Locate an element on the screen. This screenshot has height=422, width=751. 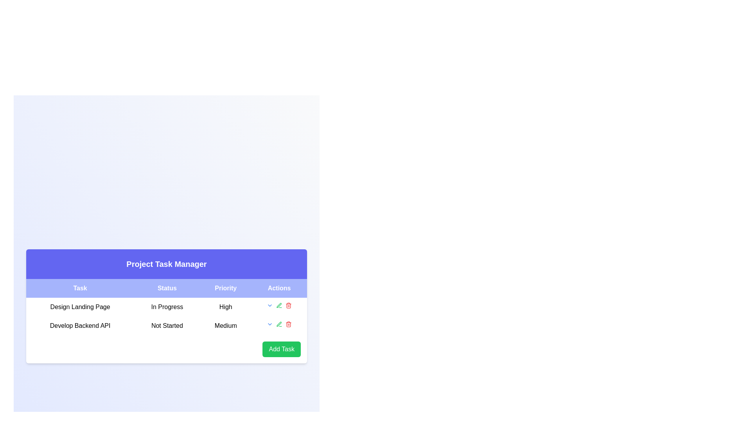
the text label displaying 'Not Started' in the 'Status' column of the second row for the task 'Develop Backend API' is located at coordinates (167, 325).